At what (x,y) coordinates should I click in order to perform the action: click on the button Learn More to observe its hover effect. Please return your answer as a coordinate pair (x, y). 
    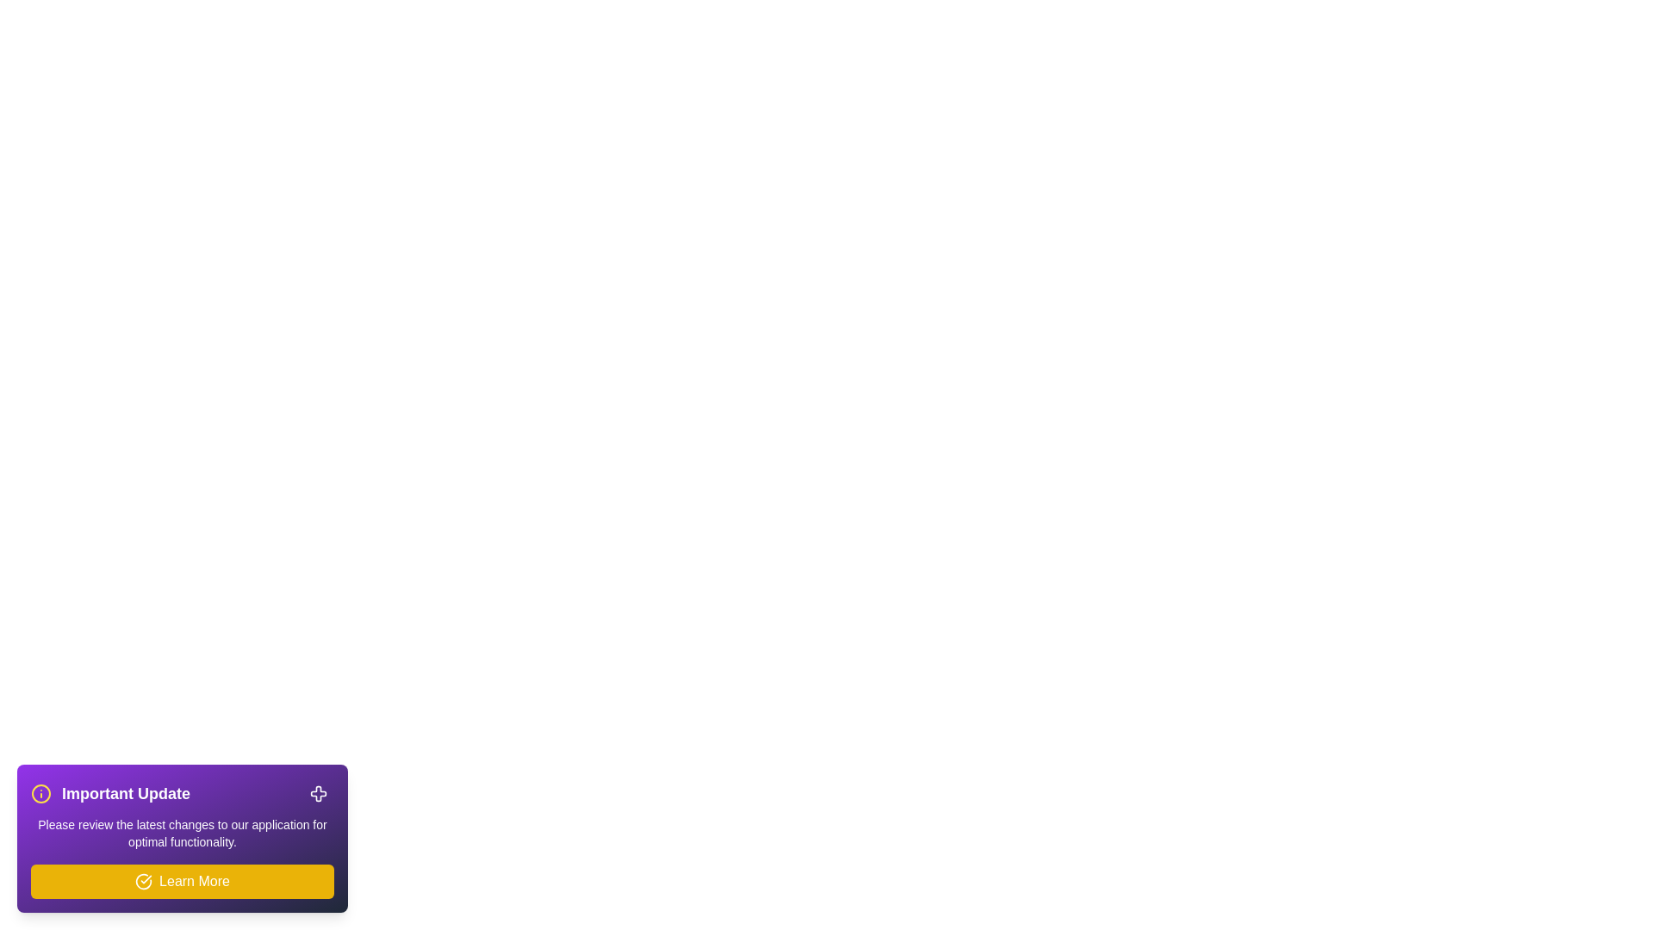
    Looking at the image, I should click on (182, 881).